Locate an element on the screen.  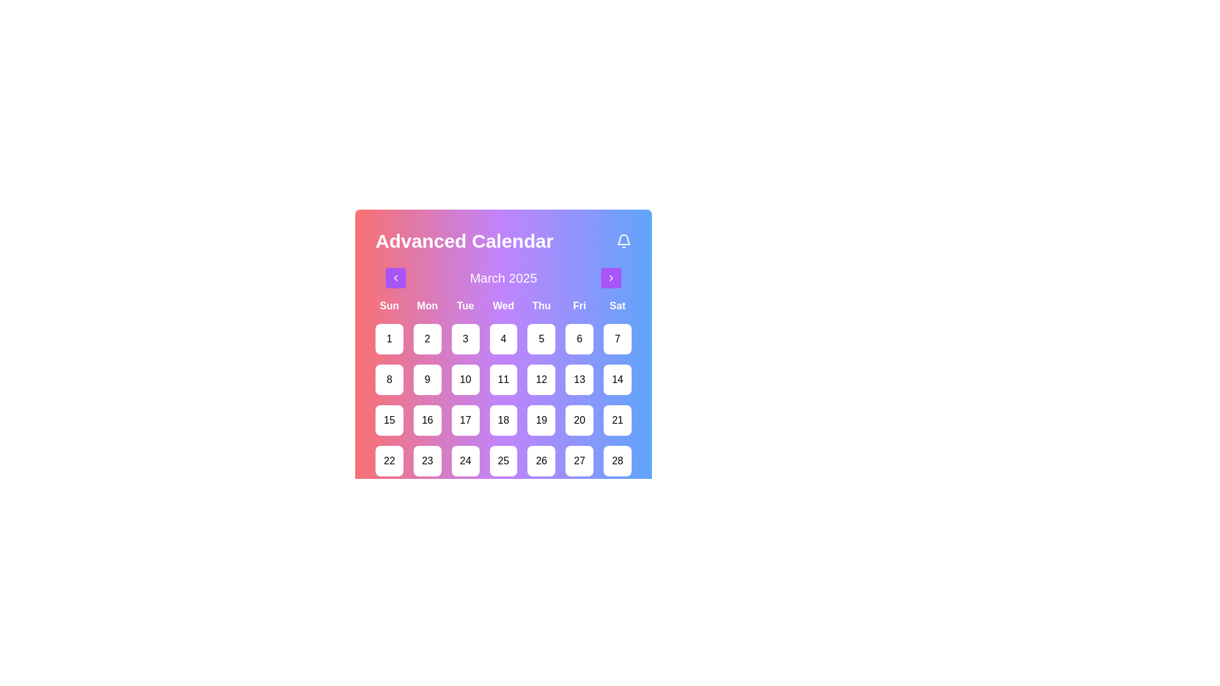
the first day of the month cell in the calendar grid, located under the 'Sun' column heading, to trigger a shadow effect is located at coordinates (388, 338).